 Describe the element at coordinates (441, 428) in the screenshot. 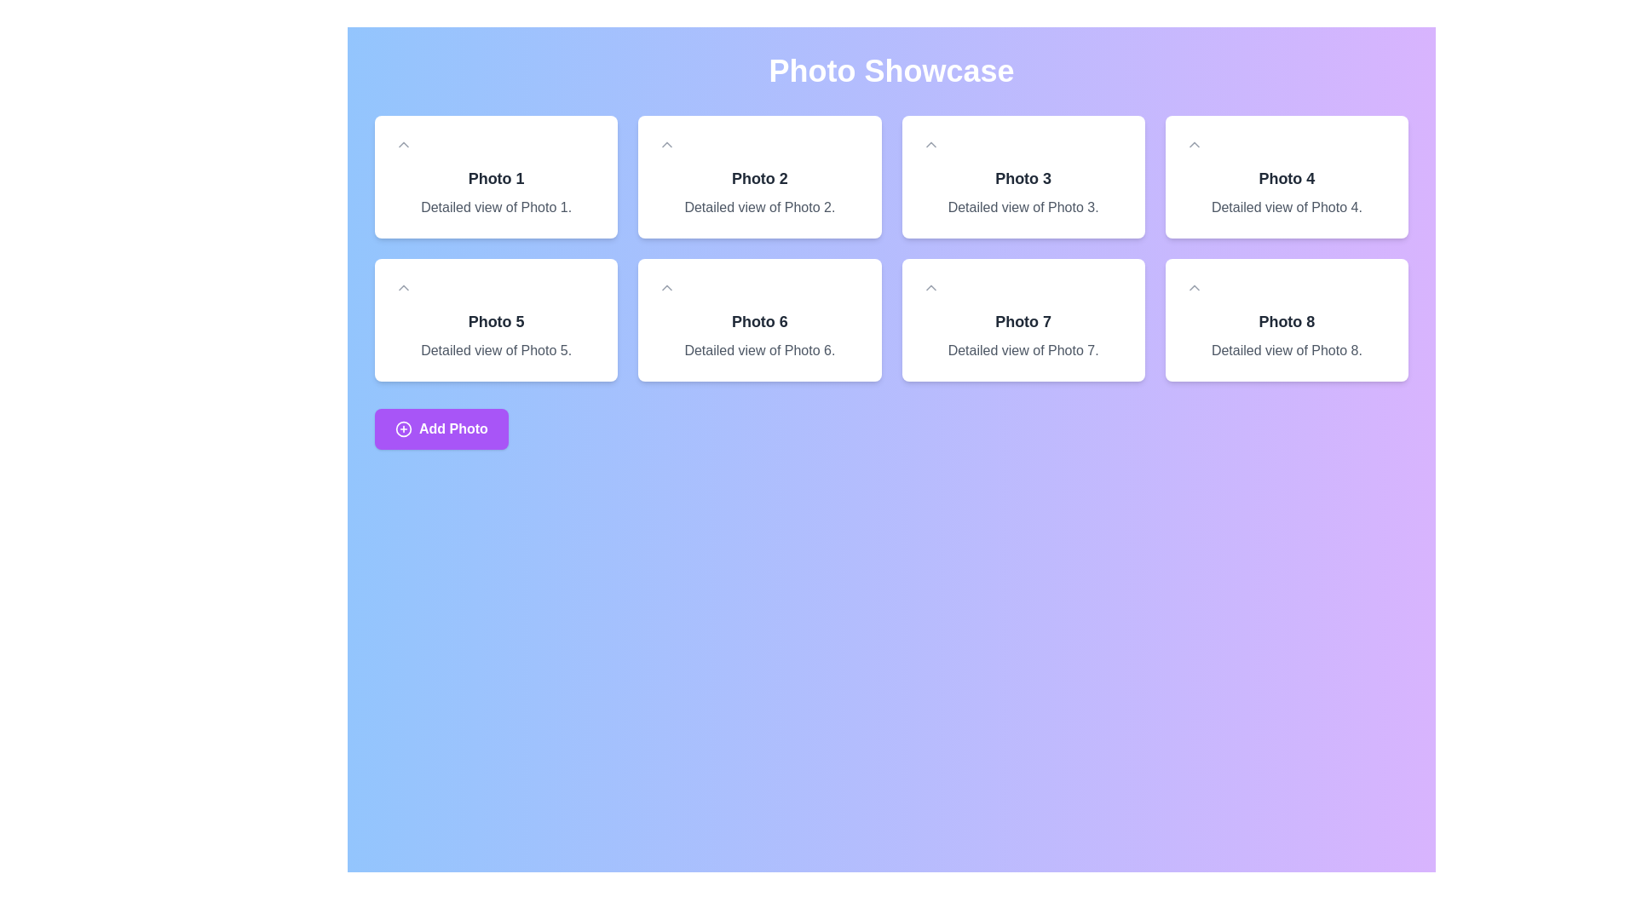

I see `the button located at the bottom left of the interface to initiate the upload or addition of new photos, aligned centrally with respect to the column containing 'Photo 1' and 'Photo 5'` at that location.